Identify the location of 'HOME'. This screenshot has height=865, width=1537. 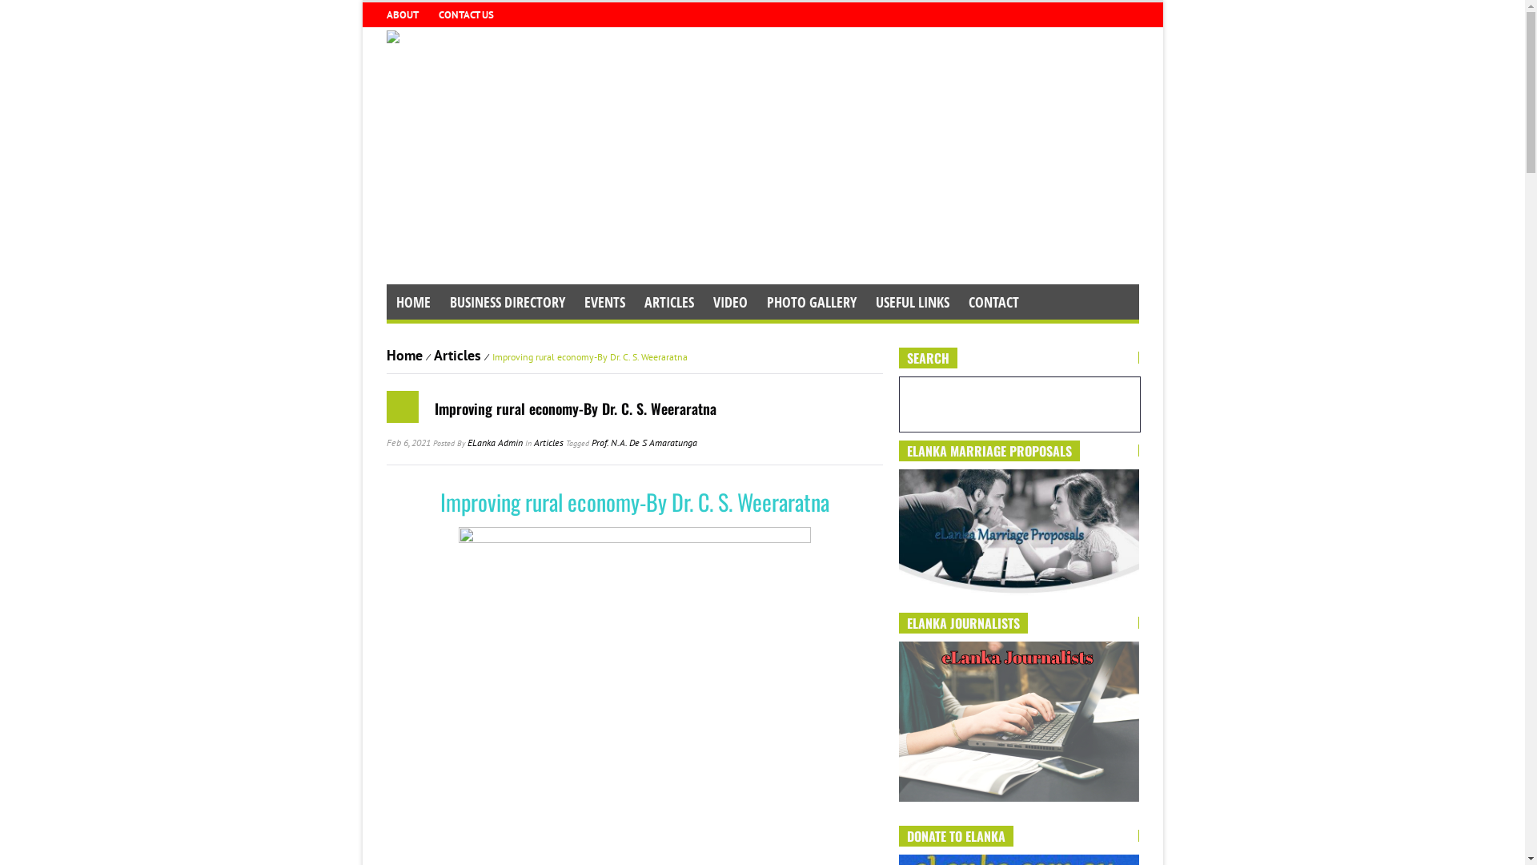
(412, 302).